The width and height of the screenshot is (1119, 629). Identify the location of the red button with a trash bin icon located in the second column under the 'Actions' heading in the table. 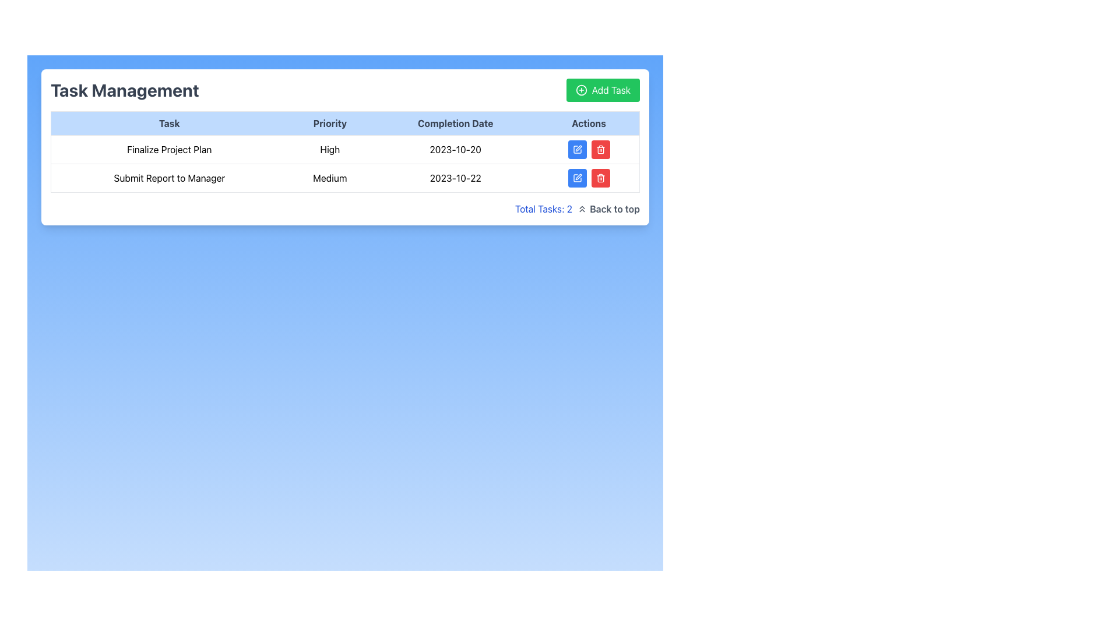
(600, 149).